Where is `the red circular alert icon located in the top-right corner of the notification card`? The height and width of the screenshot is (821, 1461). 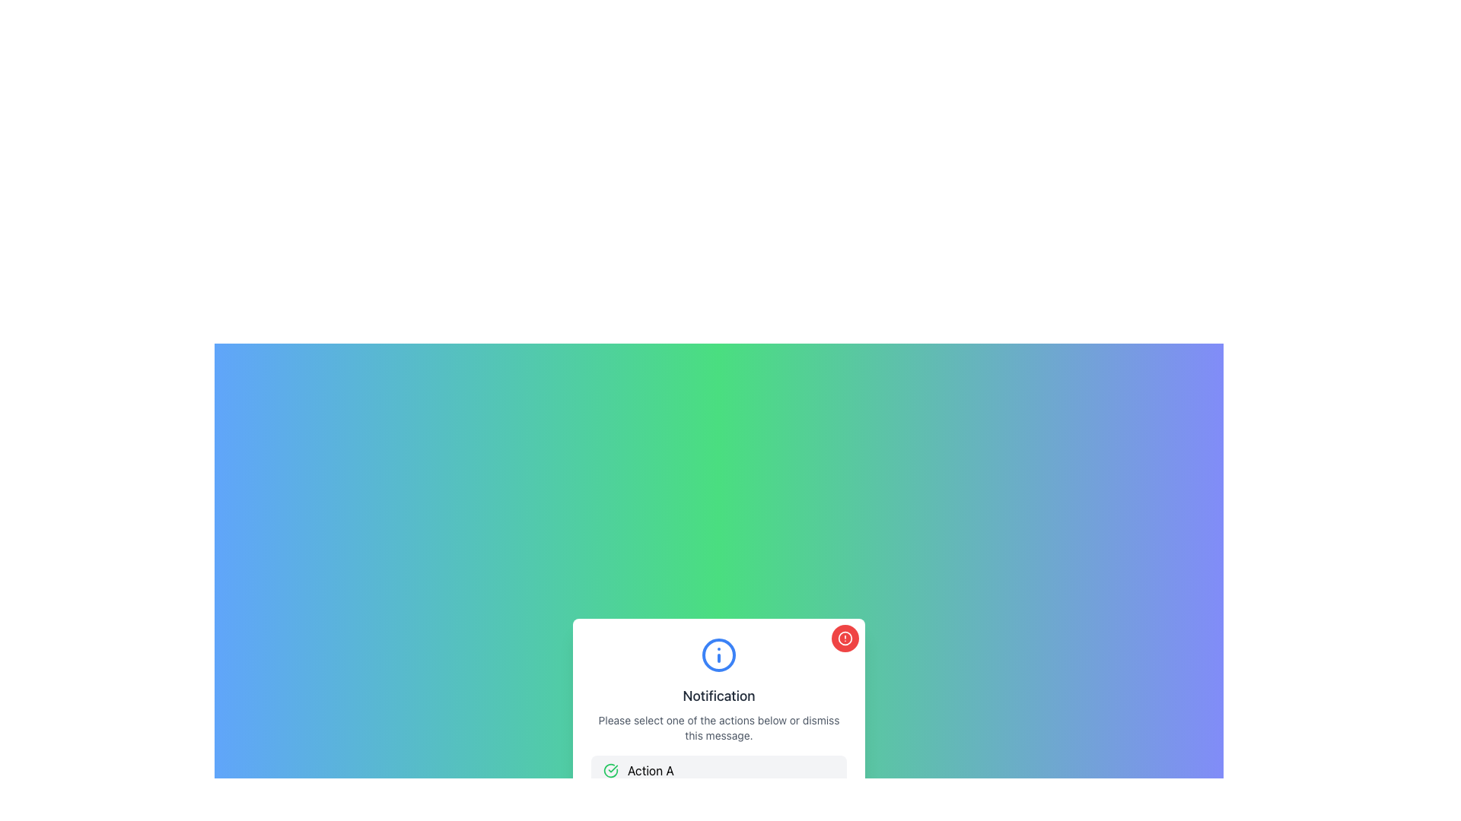 the red circular alert icon located in the top-right corner of the notification card is located at coordinates (844, 639).